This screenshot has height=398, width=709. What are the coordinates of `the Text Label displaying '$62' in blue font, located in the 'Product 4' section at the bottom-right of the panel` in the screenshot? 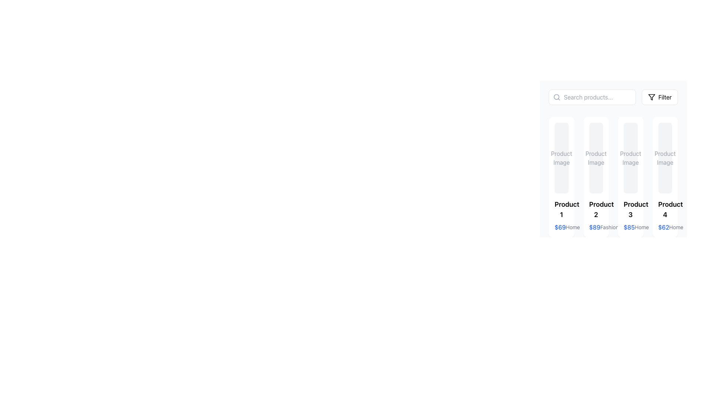 It's located at (664, 227).